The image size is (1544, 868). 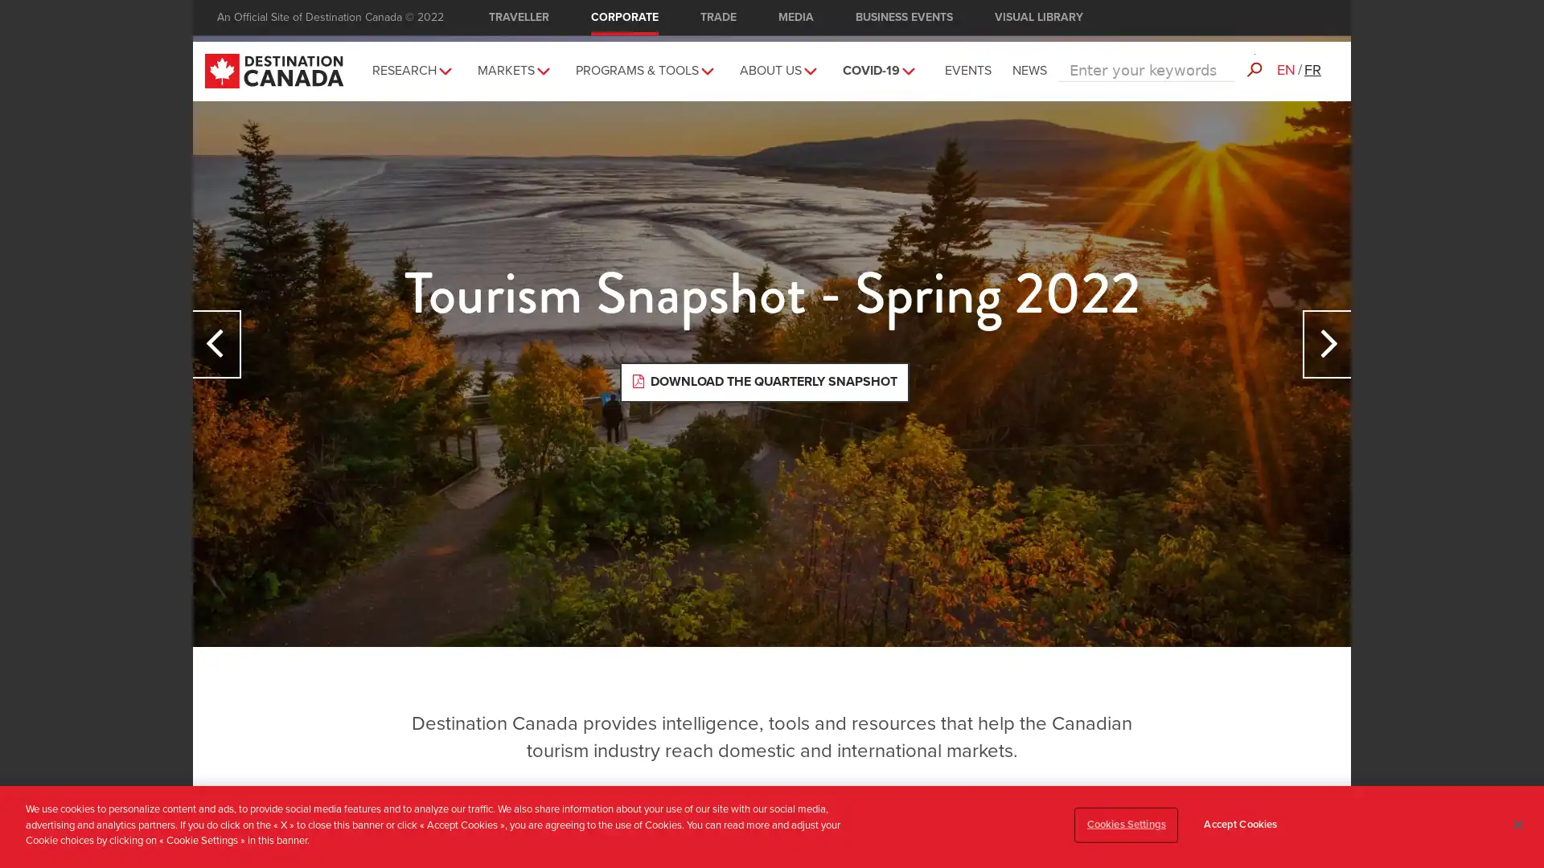 I want to click on Share to Facebook, so click(x=1332, y=128).